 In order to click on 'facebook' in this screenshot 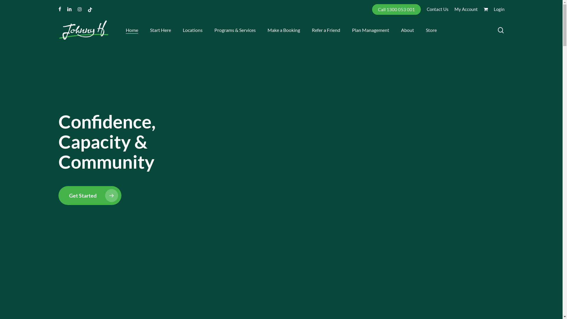, I will do `click(60, 9)`.